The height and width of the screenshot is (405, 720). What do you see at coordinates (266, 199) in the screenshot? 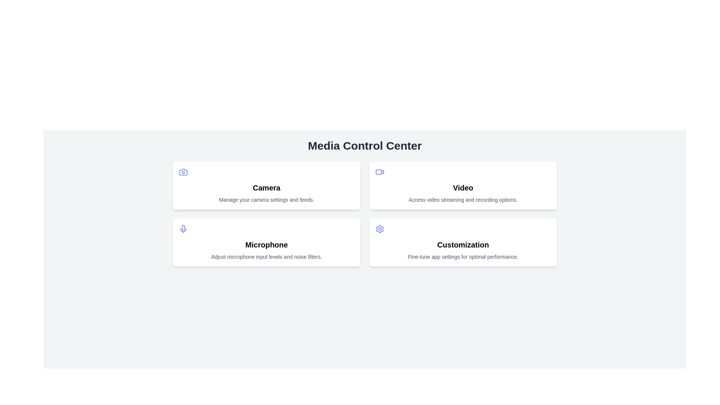
I see `the text label displaying 'Manage your camera settings and feeds.' located beneath the 'Camera' heading in the card` at bounding box center [266, 199].